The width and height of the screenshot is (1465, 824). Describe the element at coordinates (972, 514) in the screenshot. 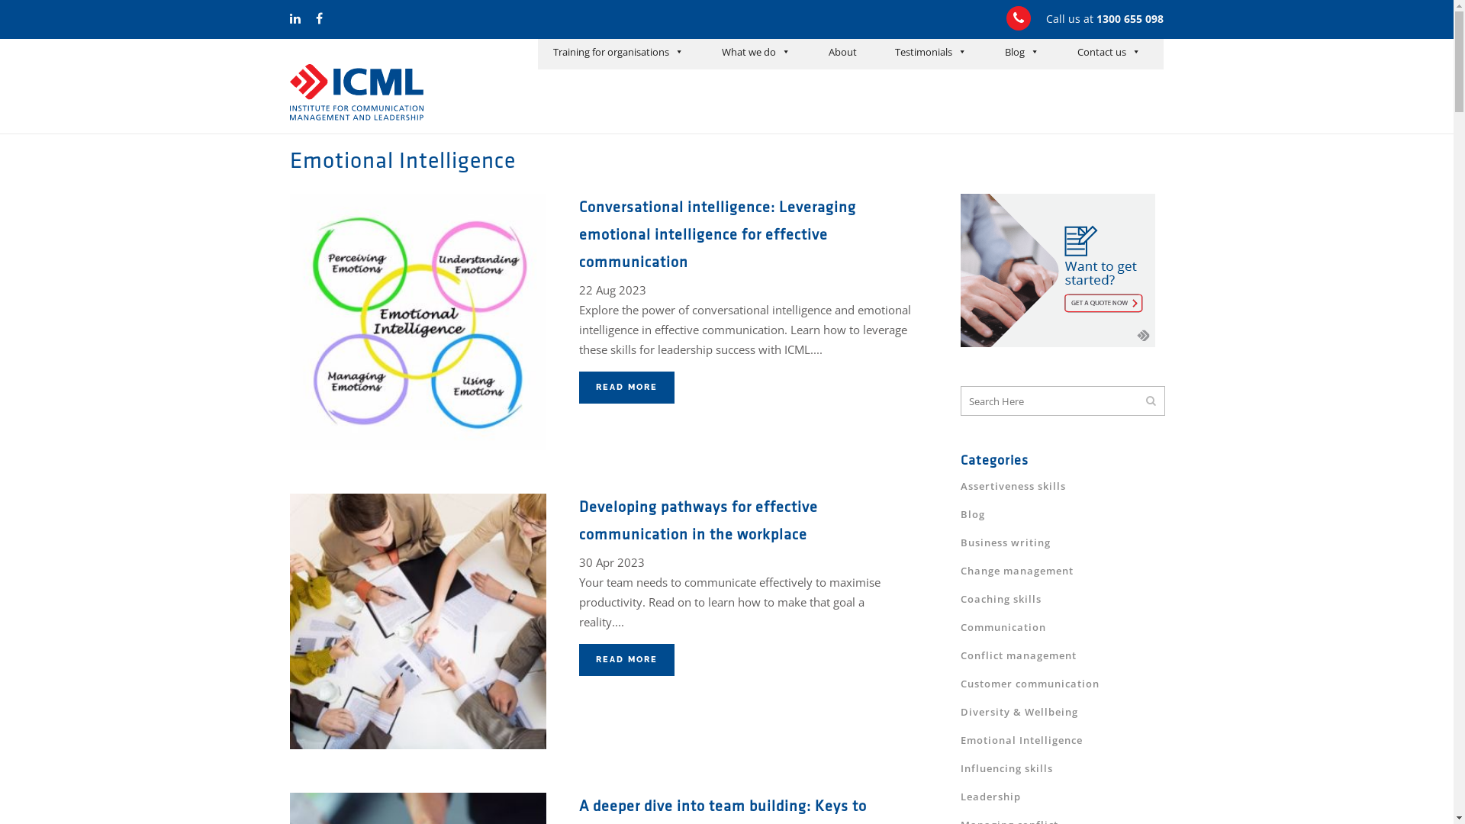

I see `'Blog'` at that location.